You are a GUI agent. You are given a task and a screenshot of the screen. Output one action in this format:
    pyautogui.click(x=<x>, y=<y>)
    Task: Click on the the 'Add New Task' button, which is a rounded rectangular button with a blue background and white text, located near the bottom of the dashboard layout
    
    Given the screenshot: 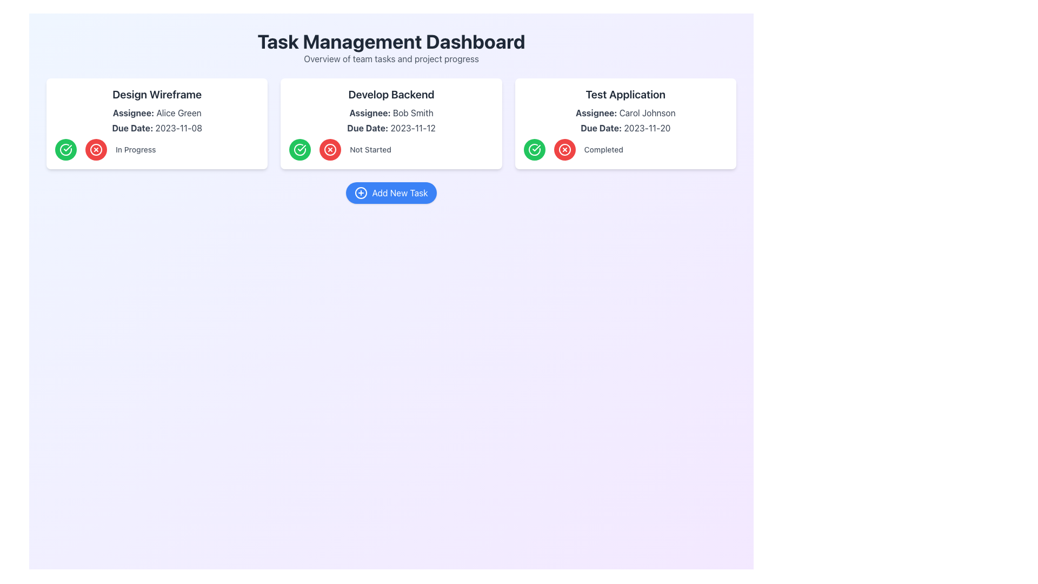 What is the action you would take?
    pyautogui.click(x=390, y=193)
    